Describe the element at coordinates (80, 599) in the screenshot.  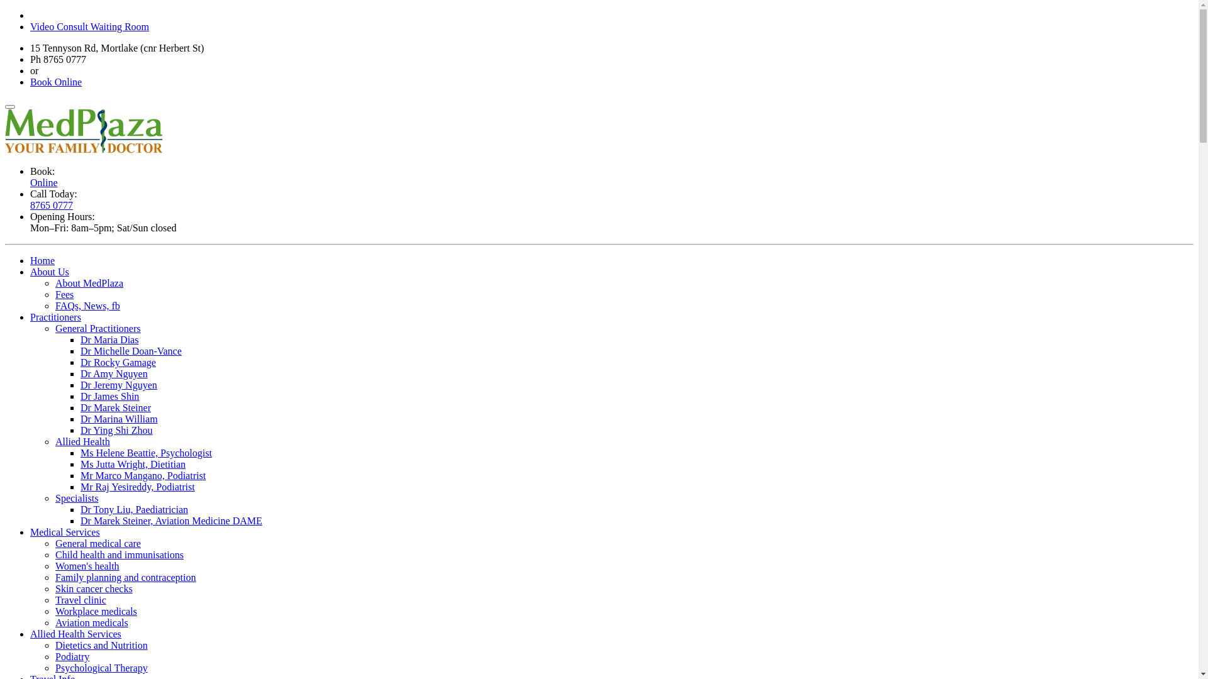
I see `'Travel clinic'` at that location.